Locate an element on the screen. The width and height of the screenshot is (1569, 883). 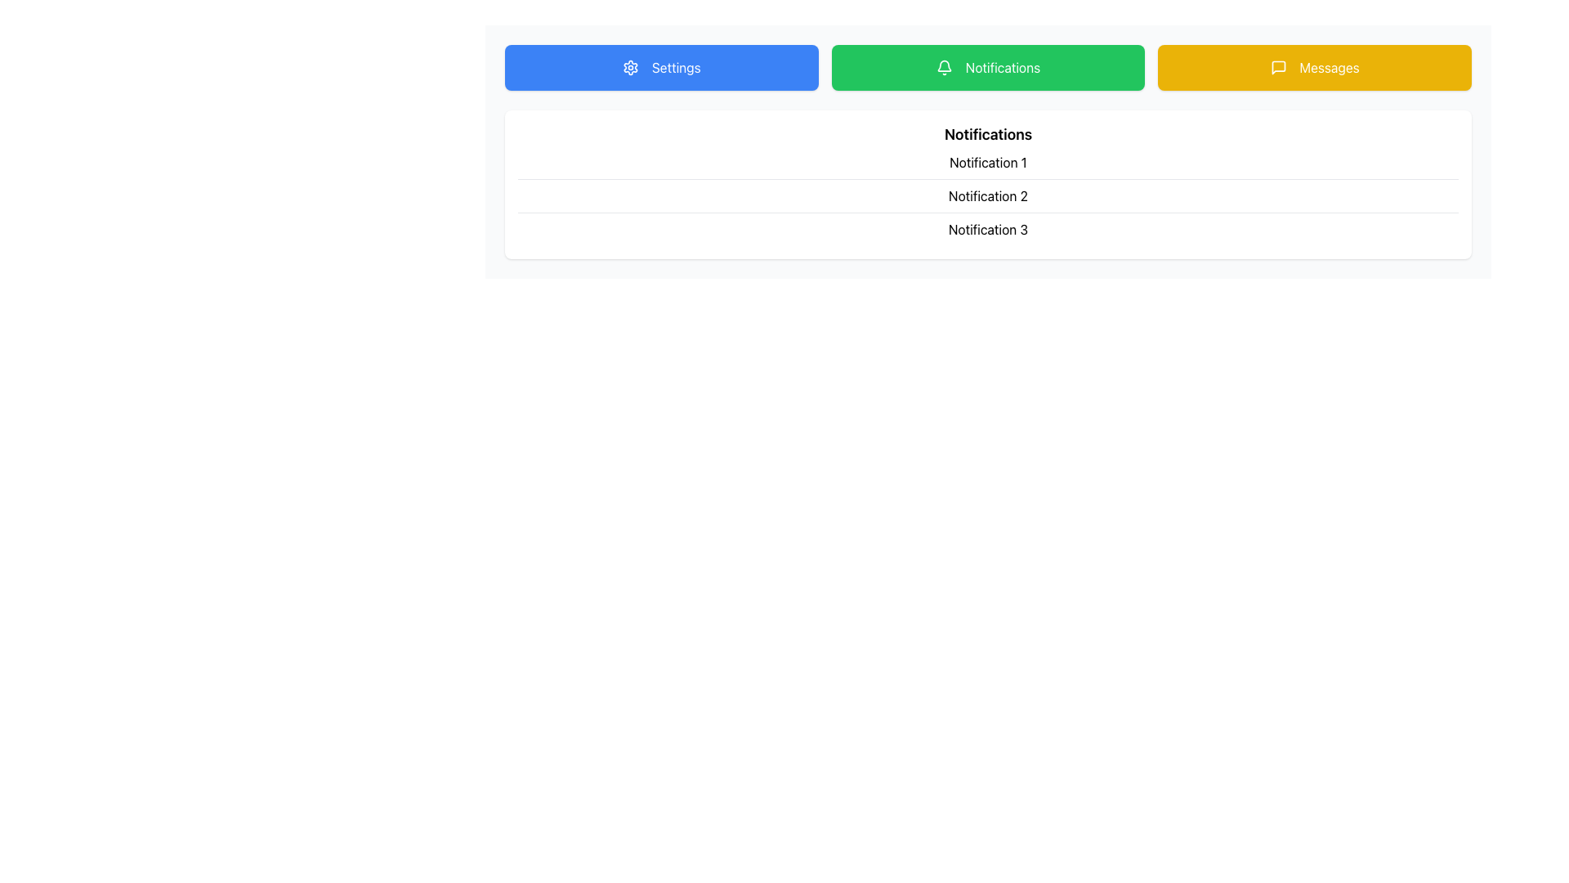
the 'Settings' button, which is a rectangular button with a blue background and white text, featuring a cogwheel icon to its left, located at the top of the view is located at coordinates (661, 67).